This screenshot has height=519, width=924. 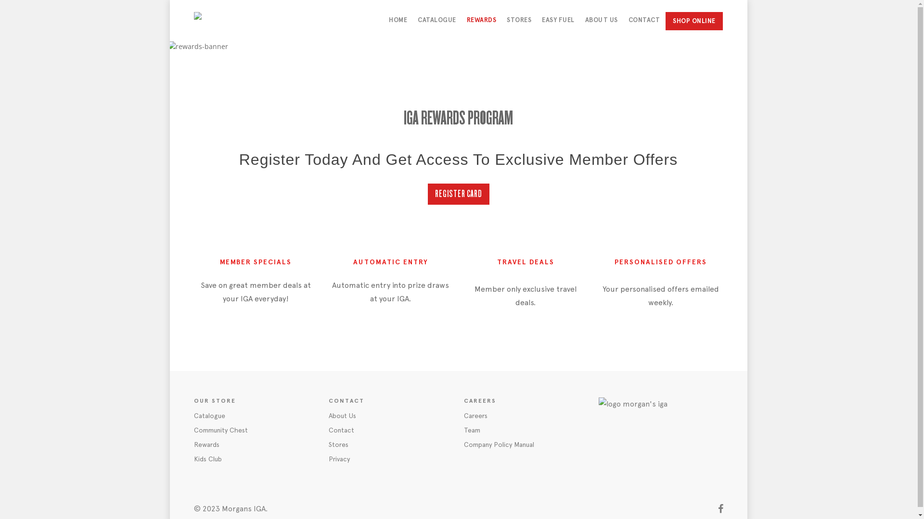 I want to click on 'REGISTER CARD', so click(x=457, y=194).